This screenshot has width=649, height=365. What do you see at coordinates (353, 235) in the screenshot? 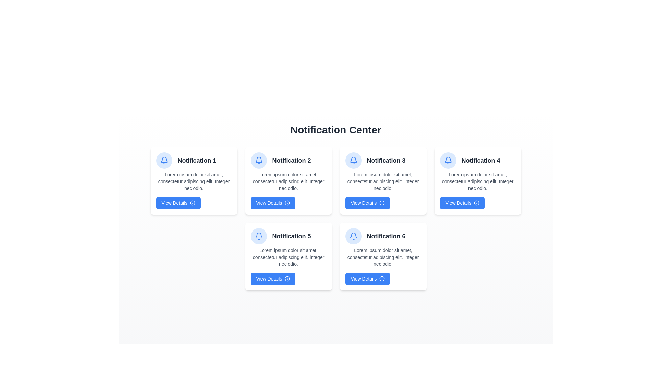
I see `bell-shaped notification icon associated with 'Notification 1' for development purposes` at bounding box center [353, 235].